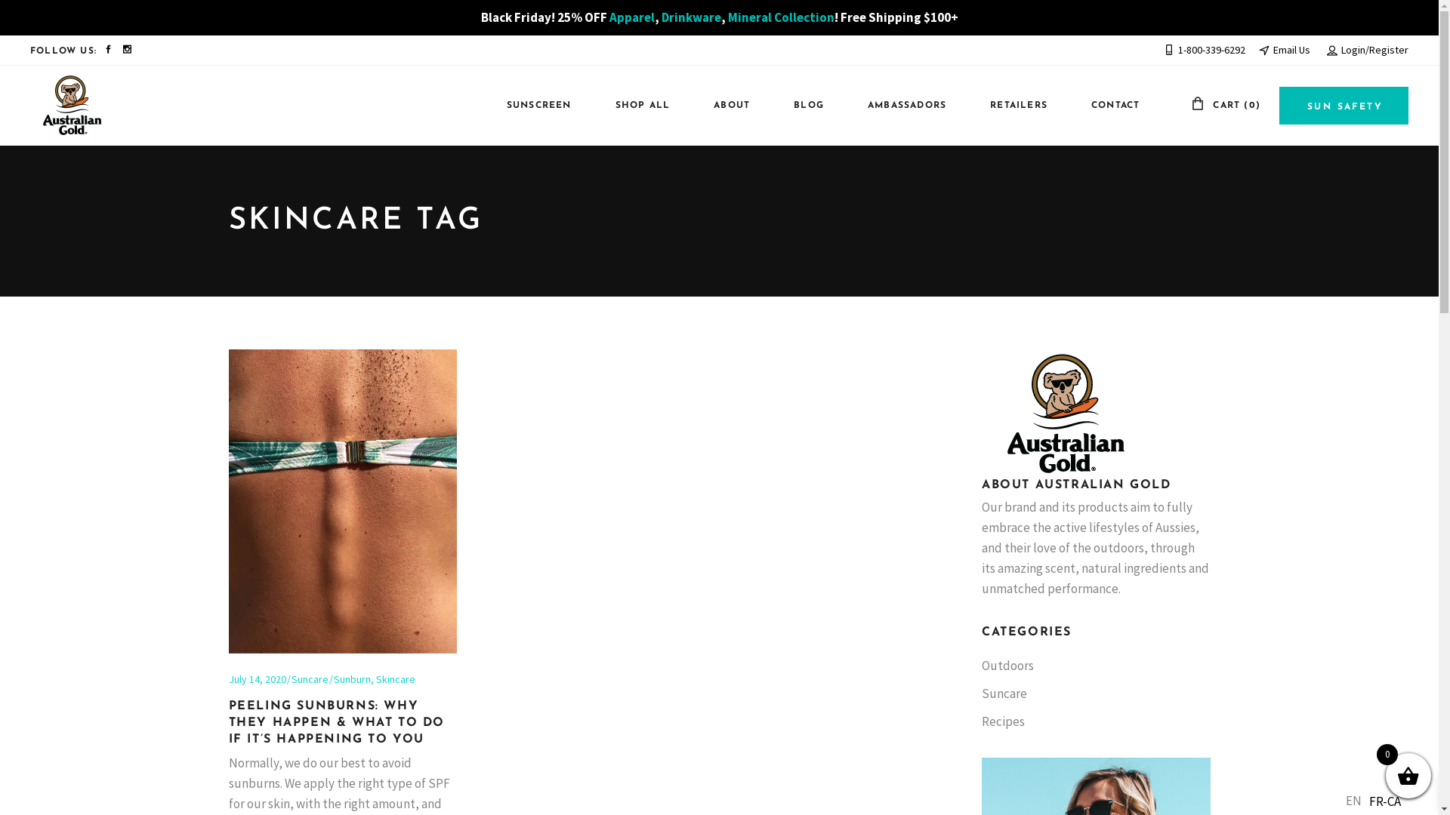 The height and width of the screenshot is (815, 1450). Describe the element at coordinates (1011, 105) in the screenshot. I see `'RETAILERS'` at that location.